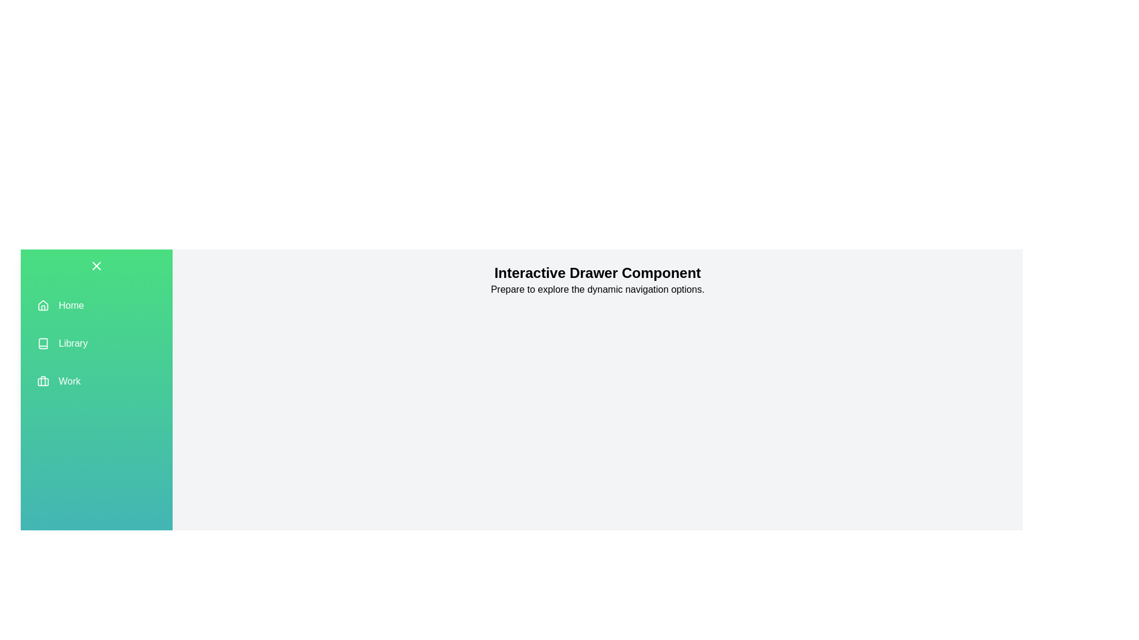  What do you see at coordinates (43, 382) in the screenshot?
I see `the Work icon to trigger its functionality` at bounding box center [43, 382].